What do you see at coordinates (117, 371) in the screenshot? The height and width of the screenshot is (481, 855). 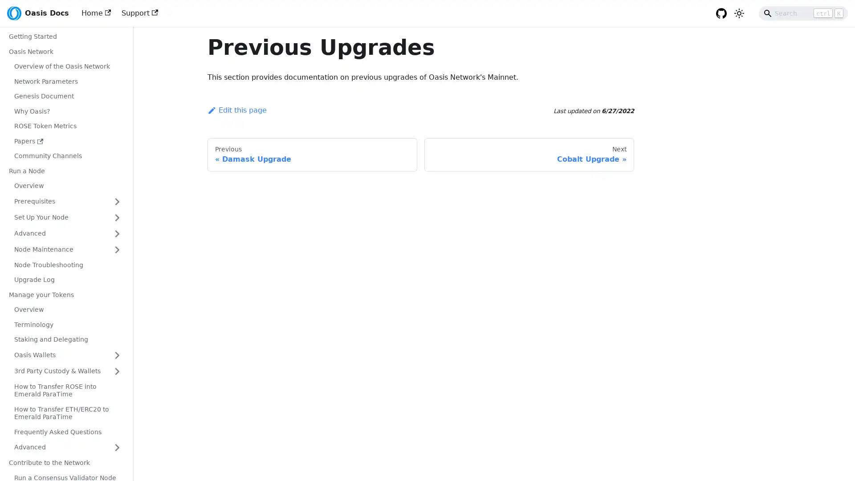 I see `Toggle the collapsible sidebar category '3rd Party Custody & Wallets'` at bounding box center [117, 371].